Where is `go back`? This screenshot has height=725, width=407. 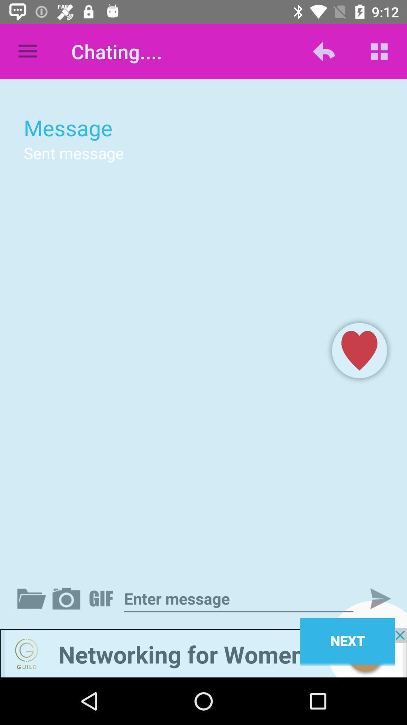
go back is located at coordinates (203, 652).